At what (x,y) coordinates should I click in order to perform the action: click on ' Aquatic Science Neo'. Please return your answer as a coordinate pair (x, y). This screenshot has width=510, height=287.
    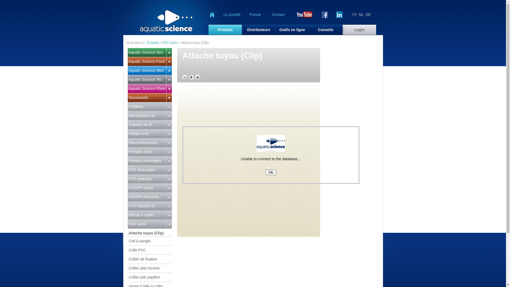
    Looking at the image, I should click on (147, 52).